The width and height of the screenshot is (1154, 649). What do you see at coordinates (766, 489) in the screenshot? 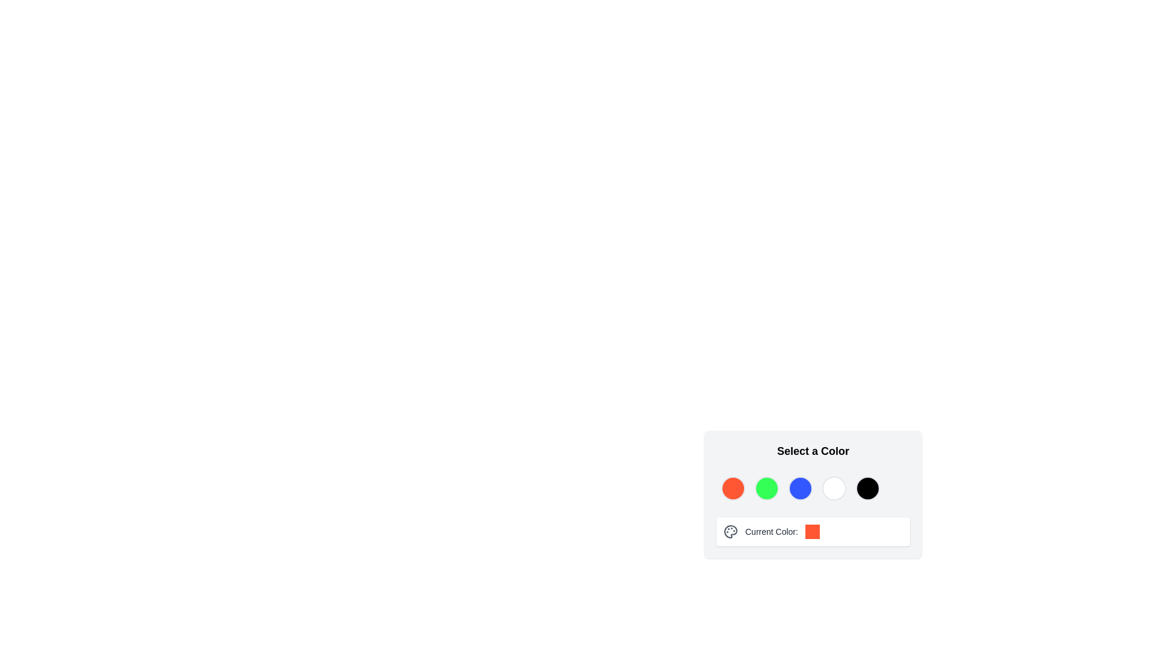
I see `the bright green circular color selection button, which is the second of five circular icons arranged horizontally` at bounding box center [766, 489].